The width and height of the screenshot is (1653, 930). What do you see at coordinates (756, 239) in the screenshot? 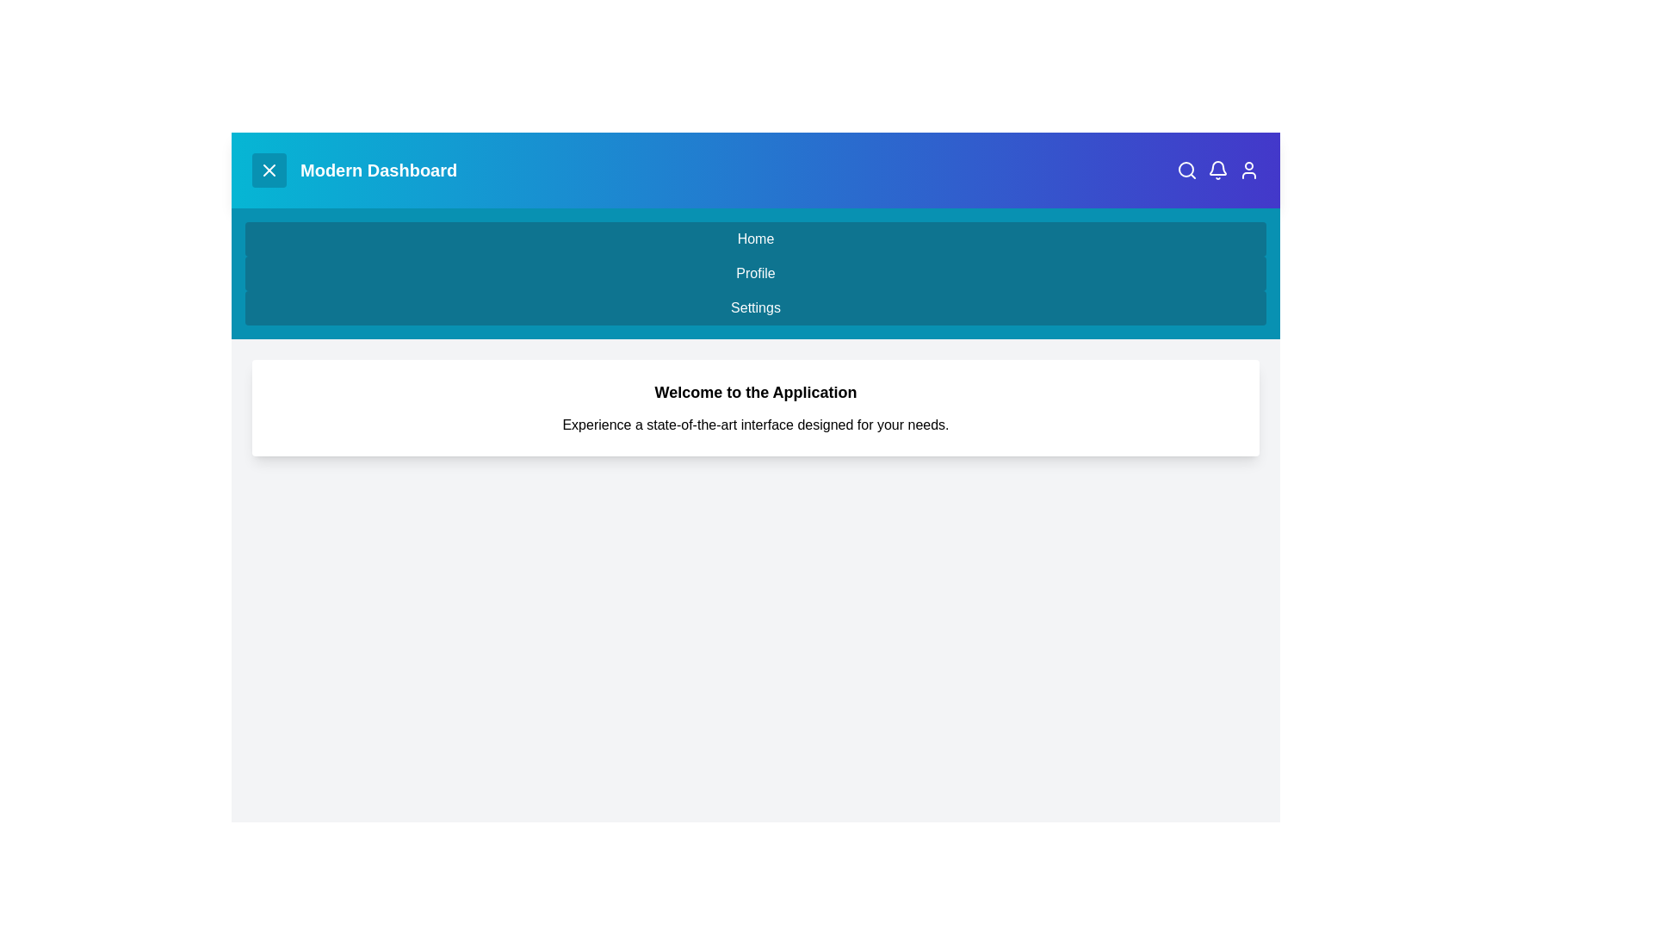
I see `the 'Home' navigation link` at bounding box center [756, 239].